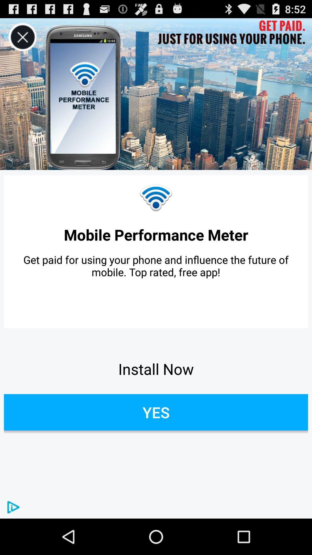 Image resolution: width=312 pixels, height=555 pixels. I want to click on the install now, so click(156, 369).